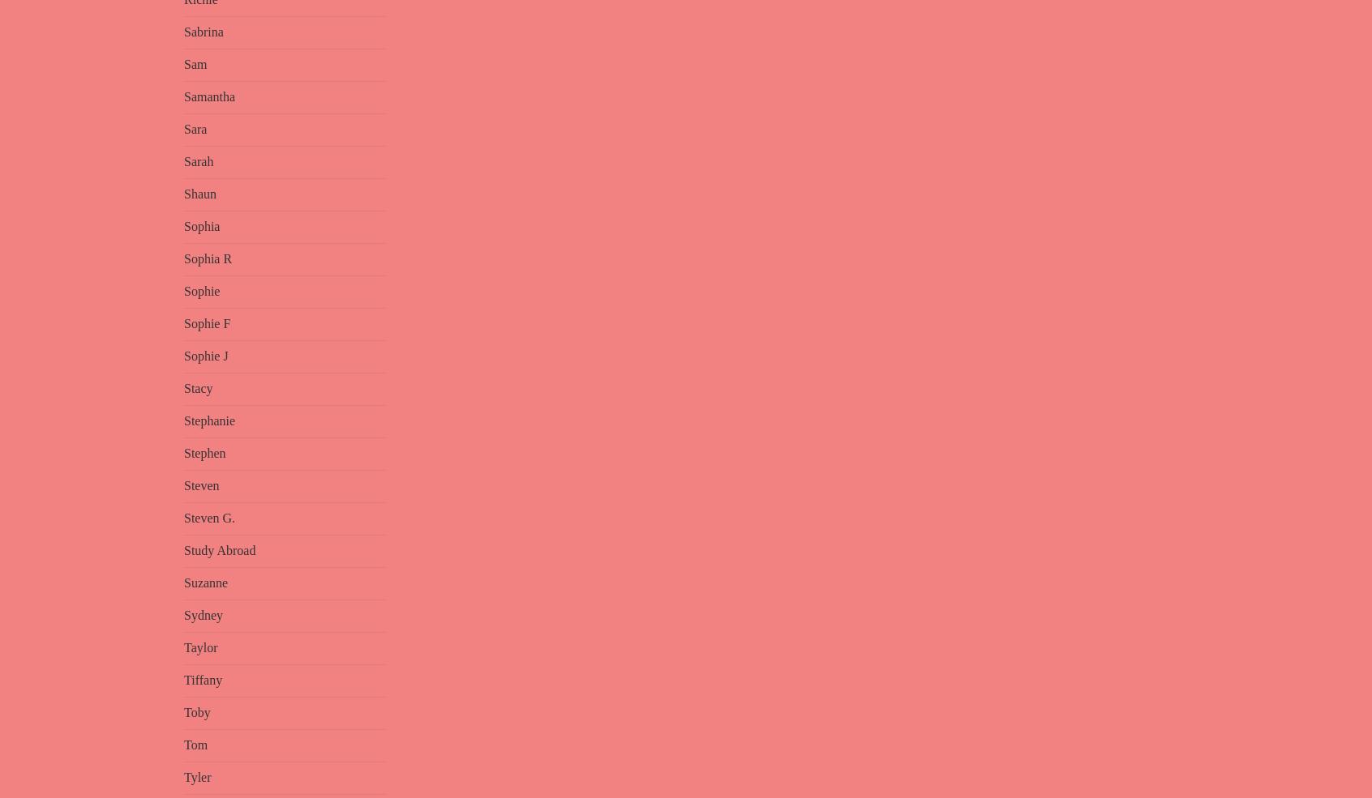 The width and height of the screenshot is (1372, 798). What do you see at coordinates (184, 484) in the screenshot?
I see `'Steven'` at bounding box center [184, 484].